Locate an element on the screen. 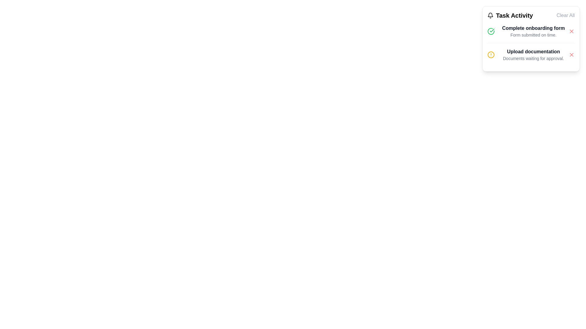 Image resolution: width=586 pixels, height=329 pixels. the 'Task Activity' section's first line text label that identifies the onboarding form task is located at coordinates (533, 28).